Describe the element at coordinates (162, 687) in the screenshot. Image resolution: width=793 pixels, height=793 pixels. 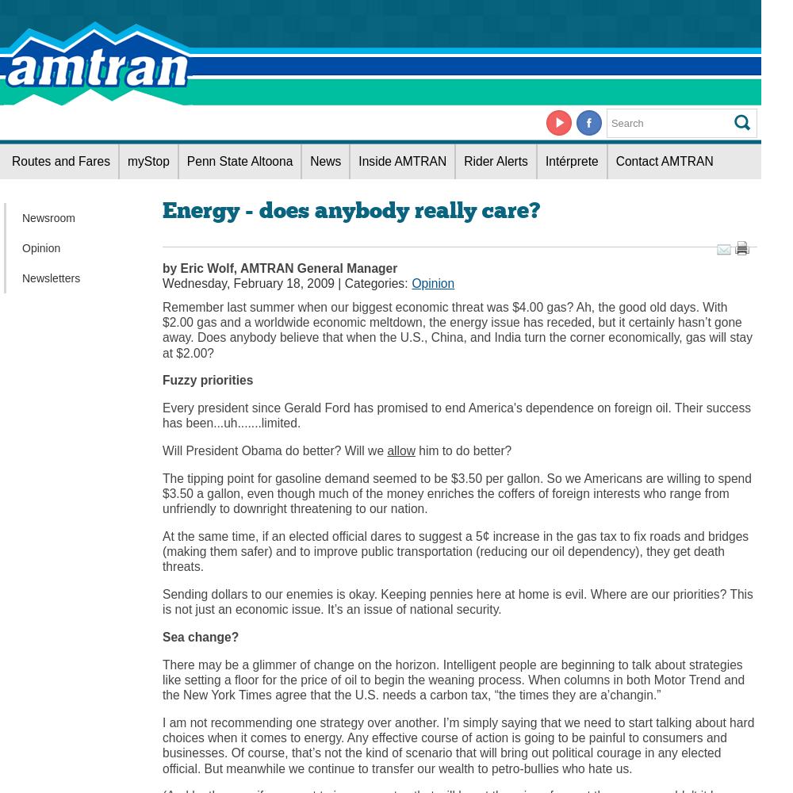
I see `'and the'` at that location.